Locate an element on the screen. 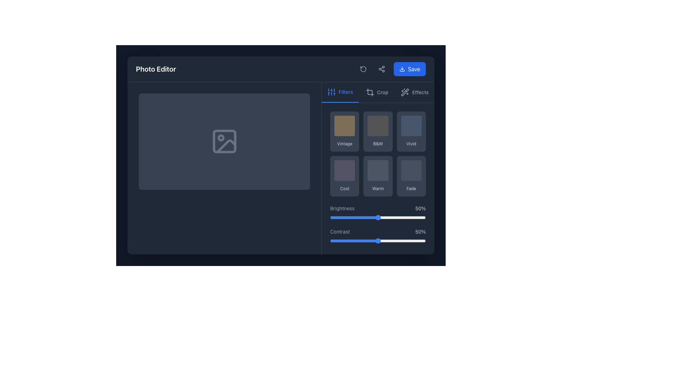 This screenshot has height=381, width=678. the interactive visual square with rounded corners and a dark gray color located inside the button labeled 'Cool' is located at coordinates (345, 170).